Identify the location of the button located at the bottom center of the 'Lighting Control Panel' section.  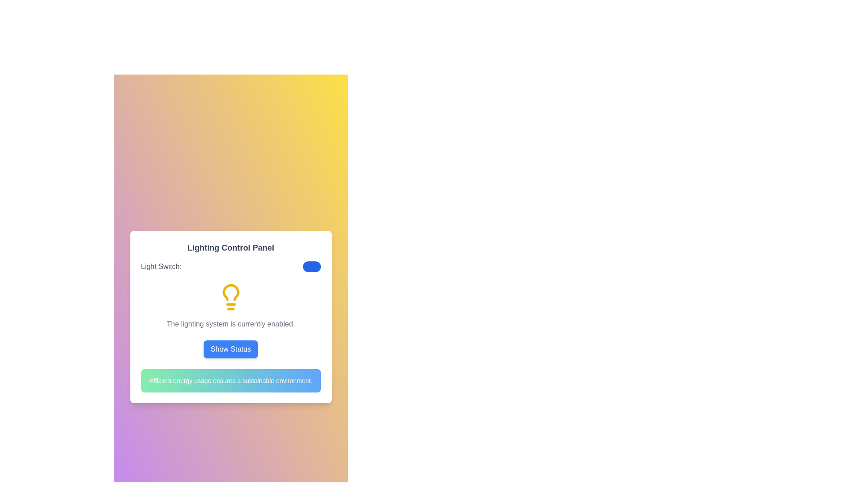
(231, 349).